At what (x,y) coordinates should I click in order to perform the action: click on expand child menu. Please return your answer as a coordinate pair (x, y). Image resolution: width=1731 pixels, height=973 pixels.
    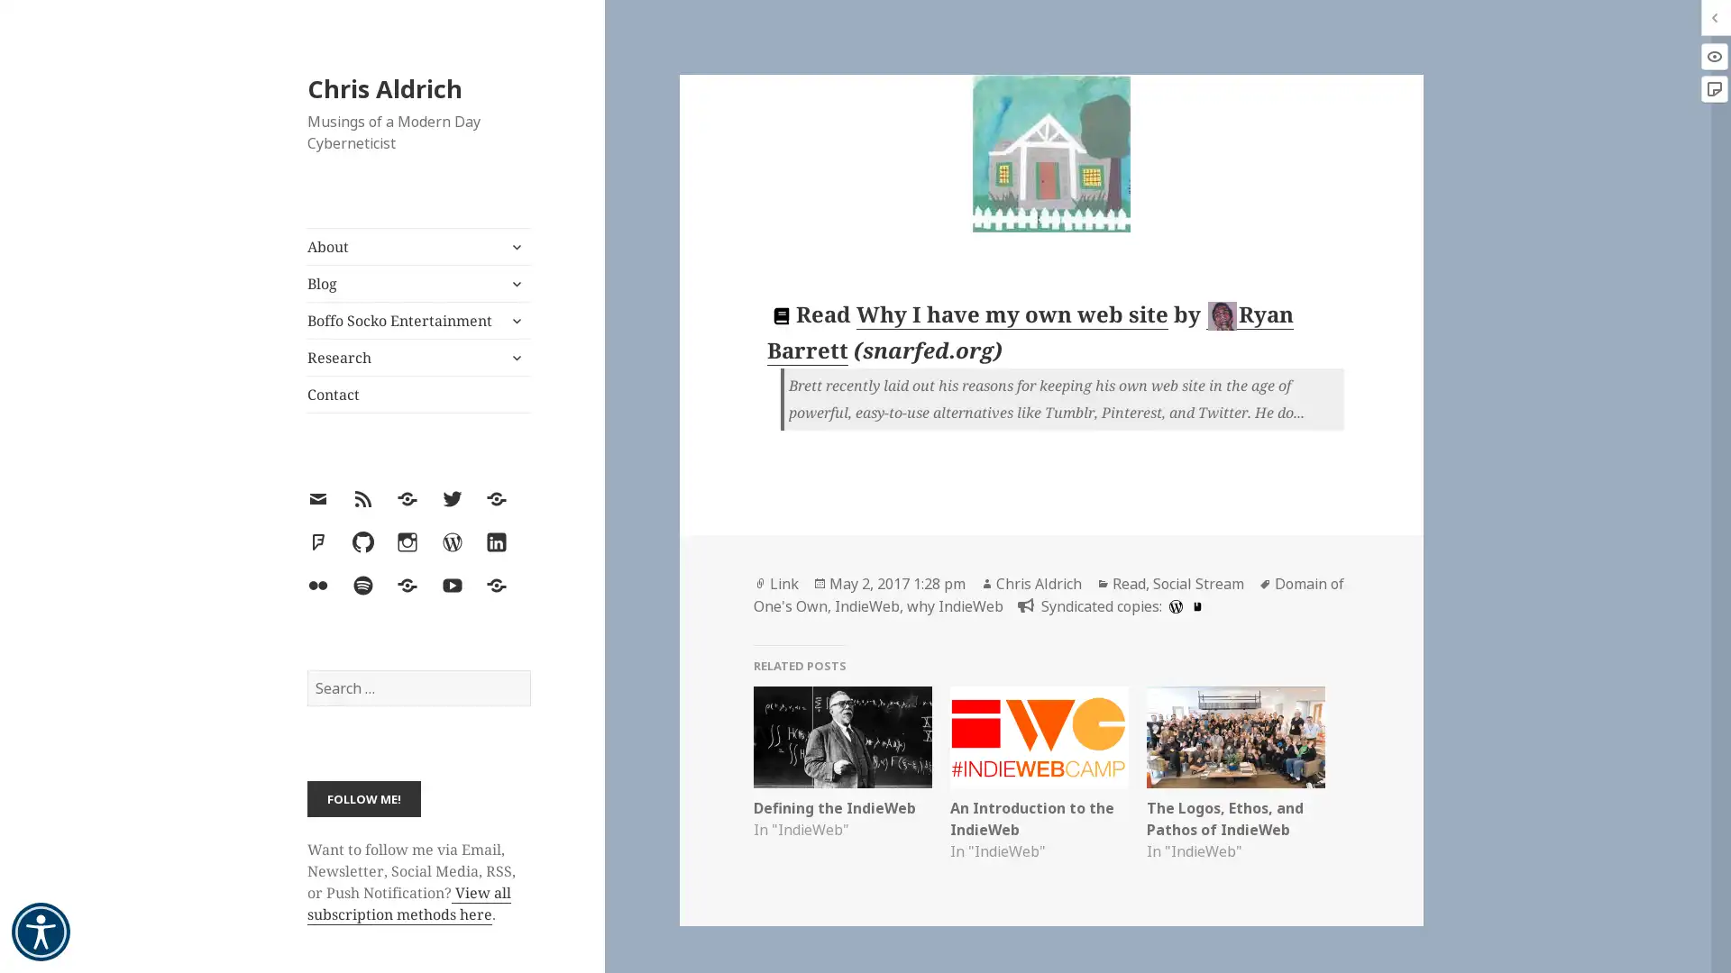
    Looking at the image, I should click on (514, 284).